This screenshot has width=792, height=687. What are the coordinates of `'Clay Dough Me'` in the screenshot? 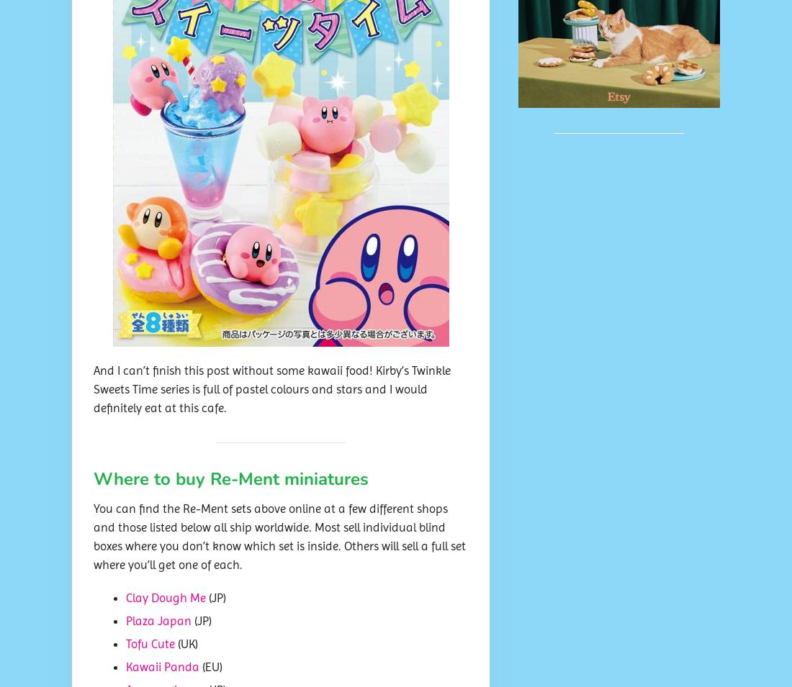 It's located at (166, 598).